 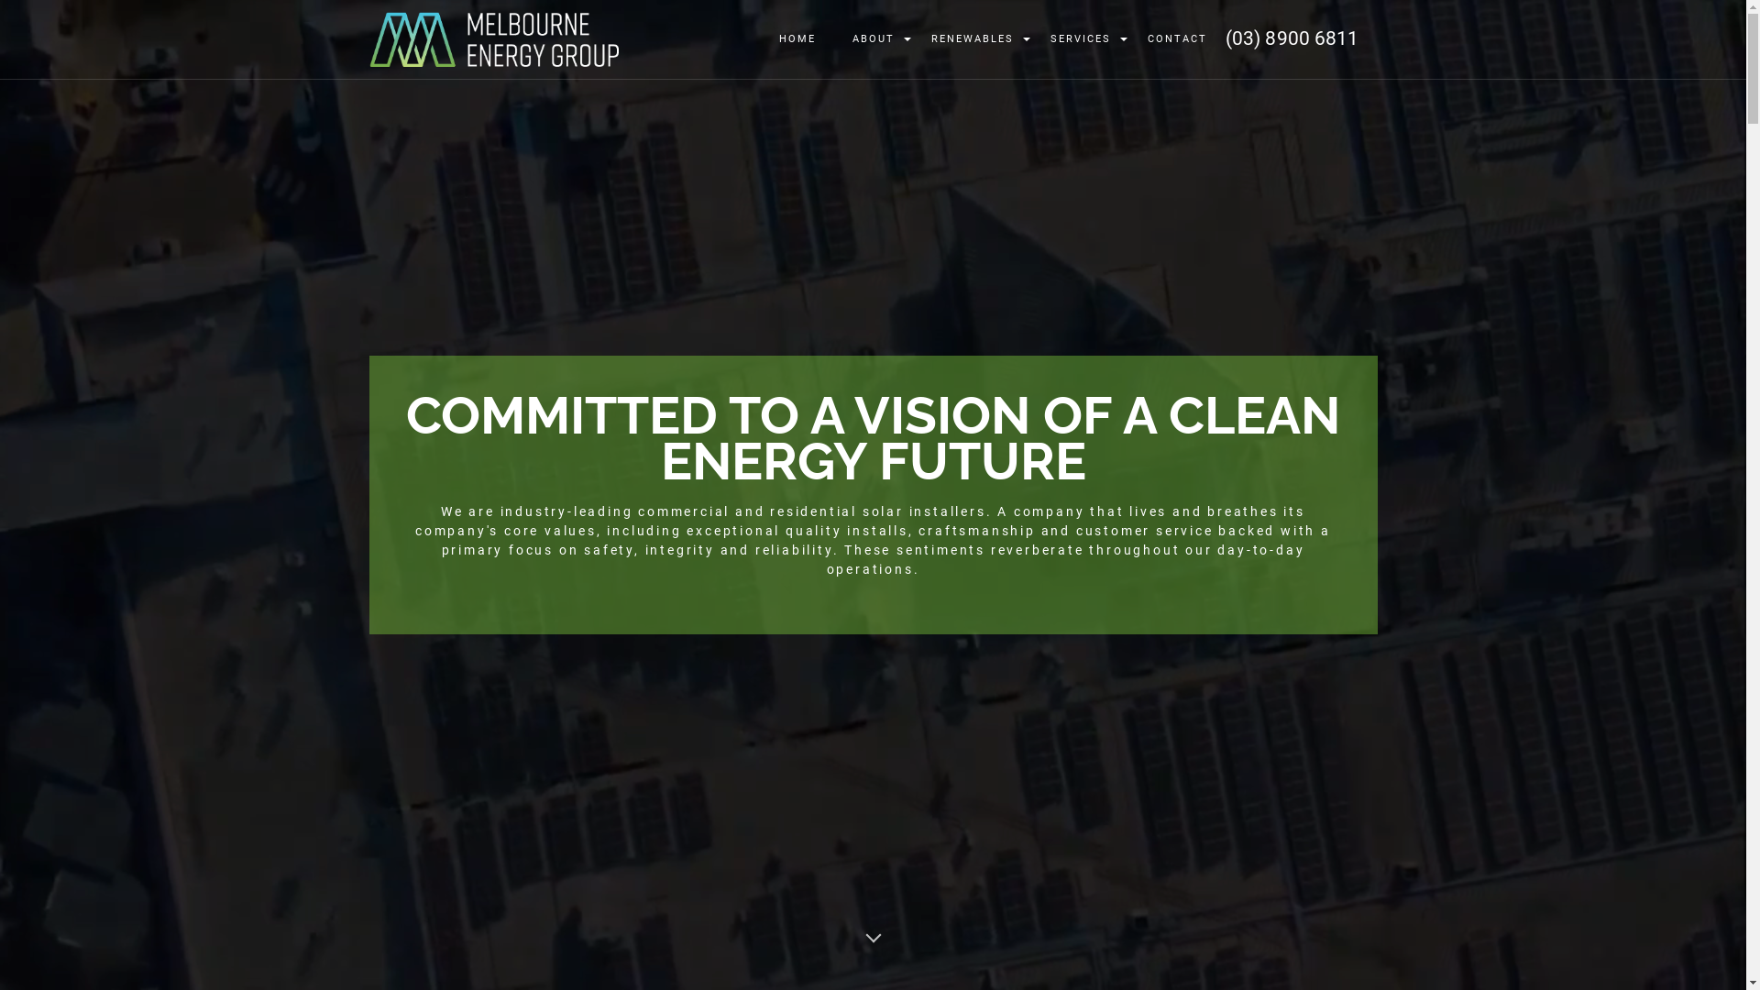 I want to click on 'HOME', so click(x=761, y=39).